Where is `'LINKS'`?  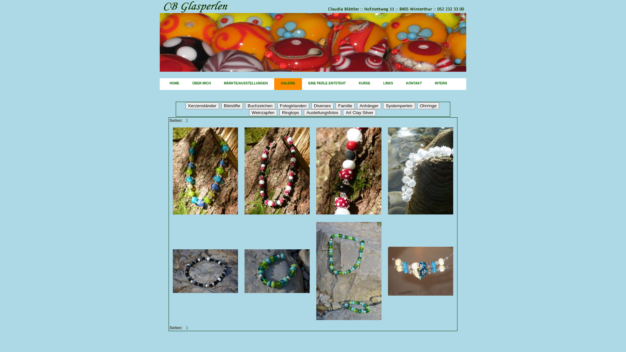
'LINKS' is located at coordinates (377, 84).